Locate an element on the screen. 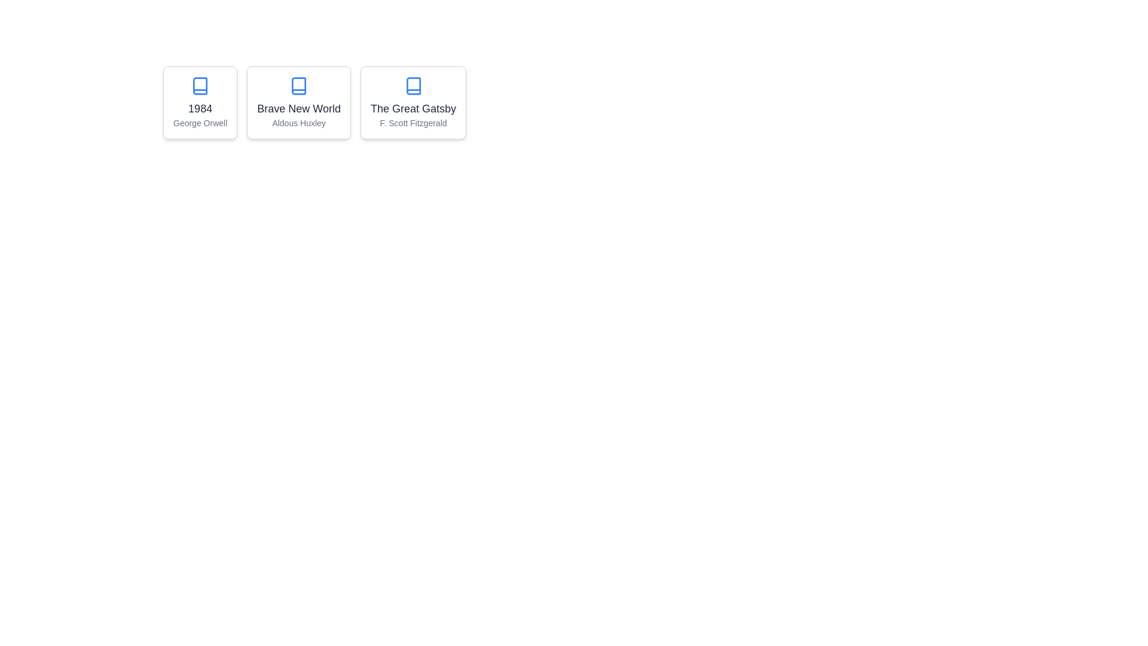 Image resolution: width=1148 pixels, height=646 pixels. the text label displaying the title 'Brave New World' within the book card structure, positioned below the book icon and above the author text 'Aldous Huxley' is located at coordinates (299, 108).